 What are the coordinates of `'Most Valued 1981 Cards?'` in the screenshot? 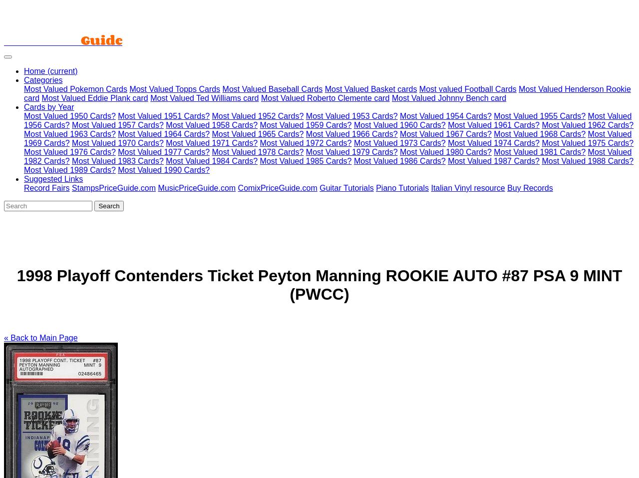 It's located at (539, 152).